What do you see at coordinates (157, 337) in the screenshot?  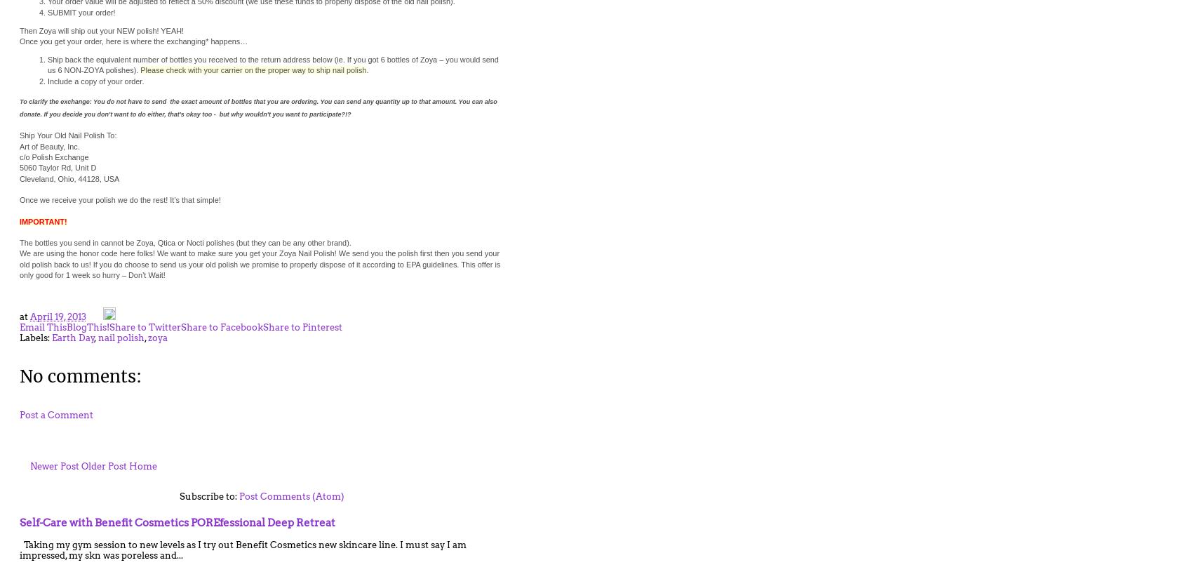 I see `'zoya'` at bounding box center [157, 337].